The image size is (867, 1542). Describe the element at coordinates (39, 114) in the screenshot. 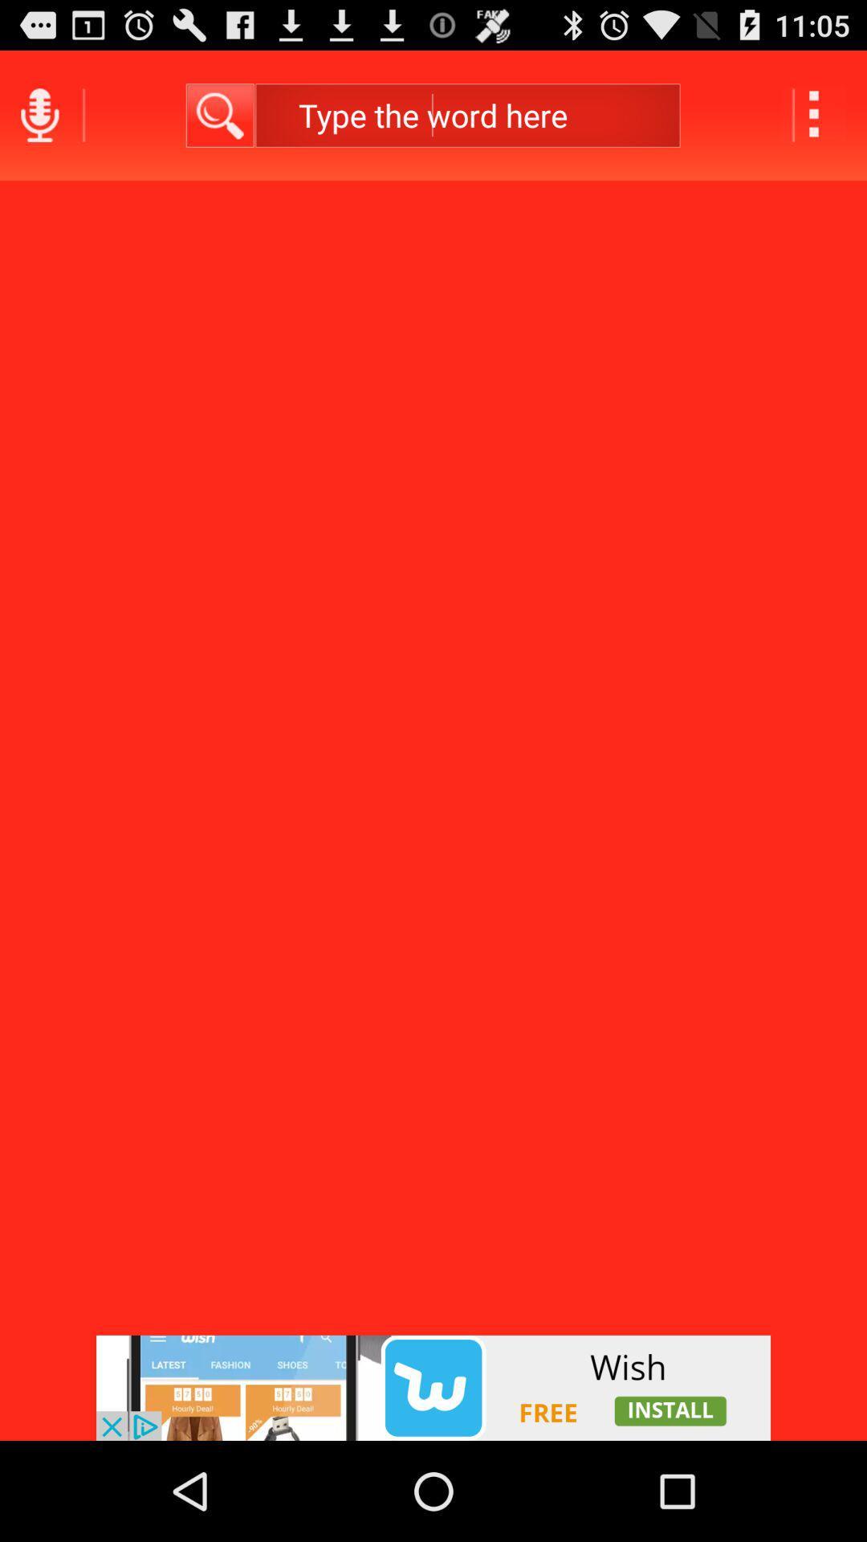

I see `speaker` at that location.